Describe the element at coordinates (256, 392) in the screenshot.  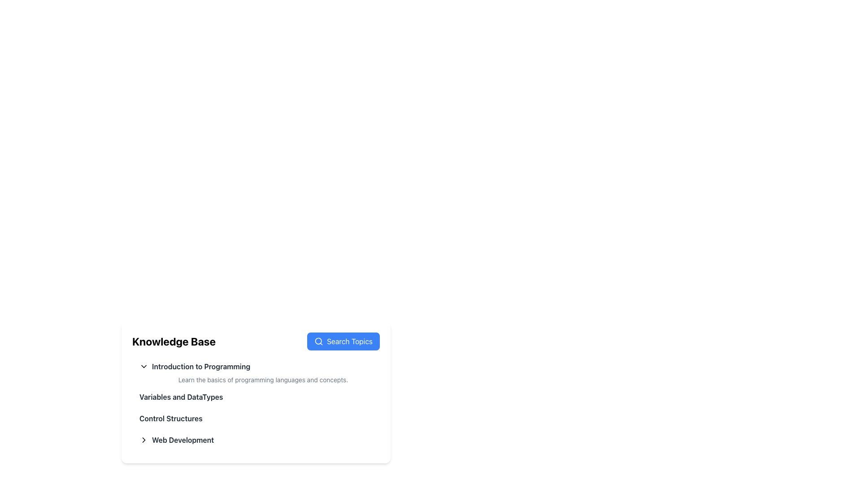
I see `the second interactive list item within the 'Introduction to Programming' section` at that location.